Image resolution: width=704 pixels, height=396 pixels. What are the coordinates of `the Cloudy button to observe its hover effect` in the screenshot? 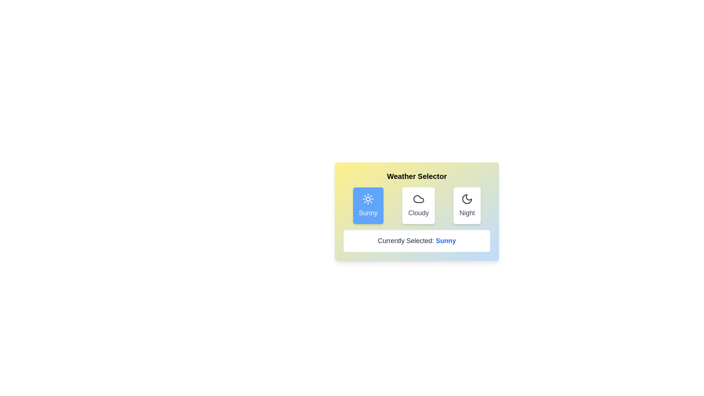 It's located at (418, 205).